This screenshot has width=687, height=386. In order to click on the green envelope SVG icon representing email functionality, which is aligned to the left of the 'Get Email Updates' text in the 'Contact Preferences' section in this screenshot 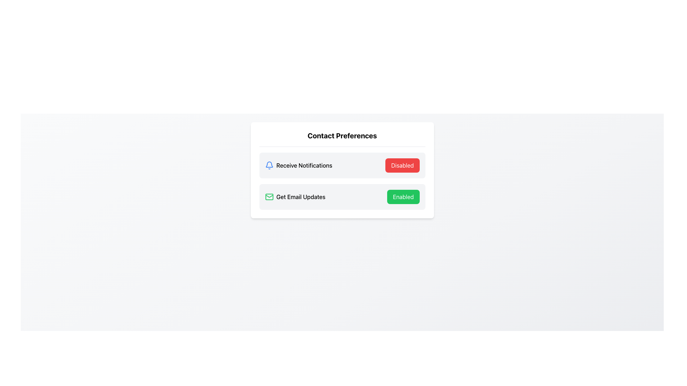, I will do `click(269, 197)`.